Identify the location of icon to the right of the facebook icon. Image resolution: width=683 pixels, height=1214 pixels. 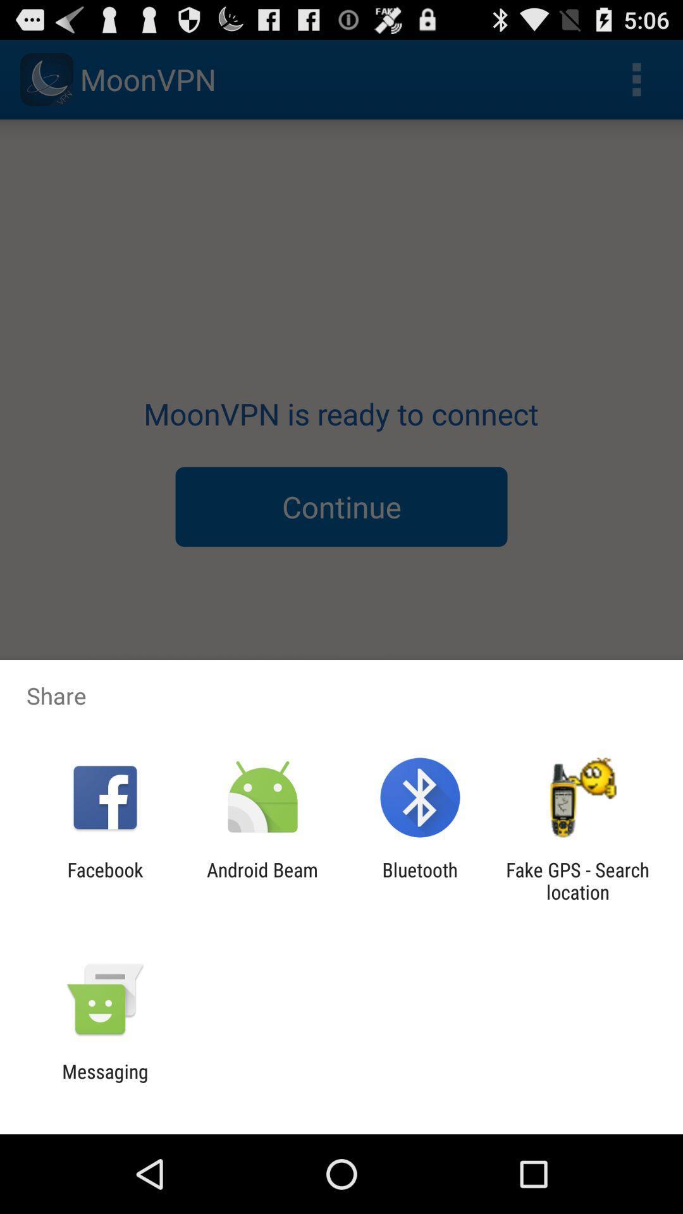
(262, 880).